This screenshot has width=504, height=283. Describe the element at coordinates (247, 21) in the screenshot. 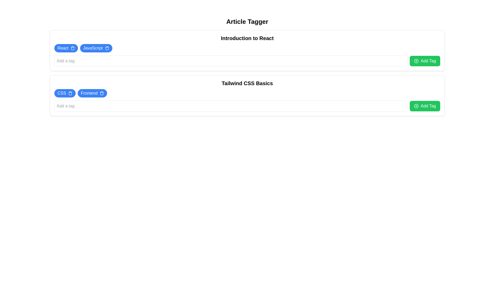

I see `the main title or heading Text Label positioned at the top center of the interface` at that location.